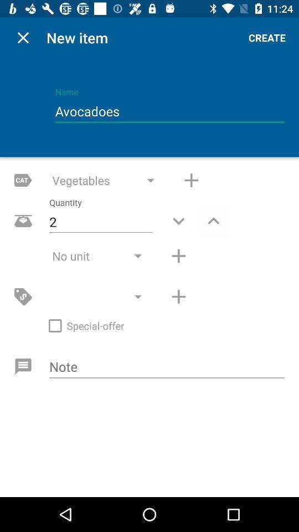 The height and width of the screenshot is (532, 299). I want to click on the add icon, so click(178, 296).